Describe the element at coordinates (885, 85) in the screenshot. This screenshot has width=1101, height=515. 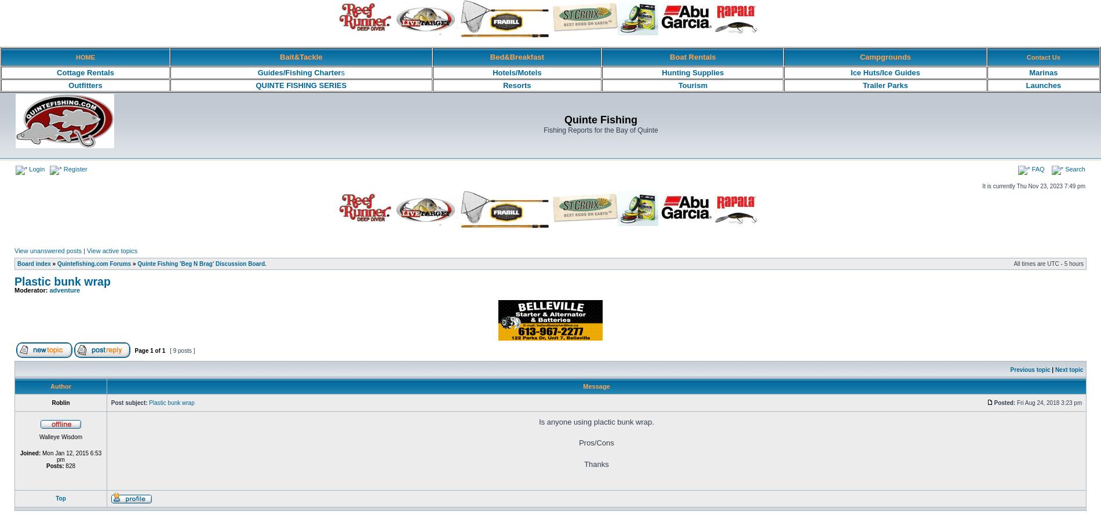
I see `'Trailer Parks'` at that location.